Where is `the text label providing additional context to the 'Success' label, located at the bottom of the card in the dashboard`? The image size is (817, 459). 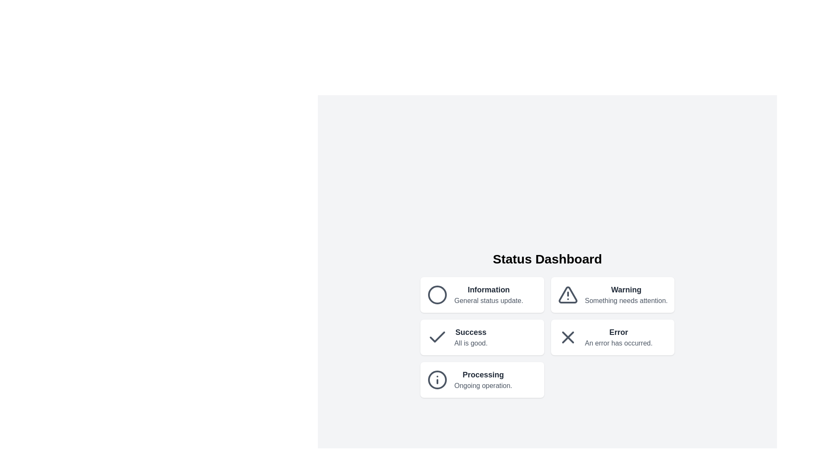
the text label providing additional context to the 'Success' label, located at the bottom of the card in the dashboard is located at coordinates (470, 343).